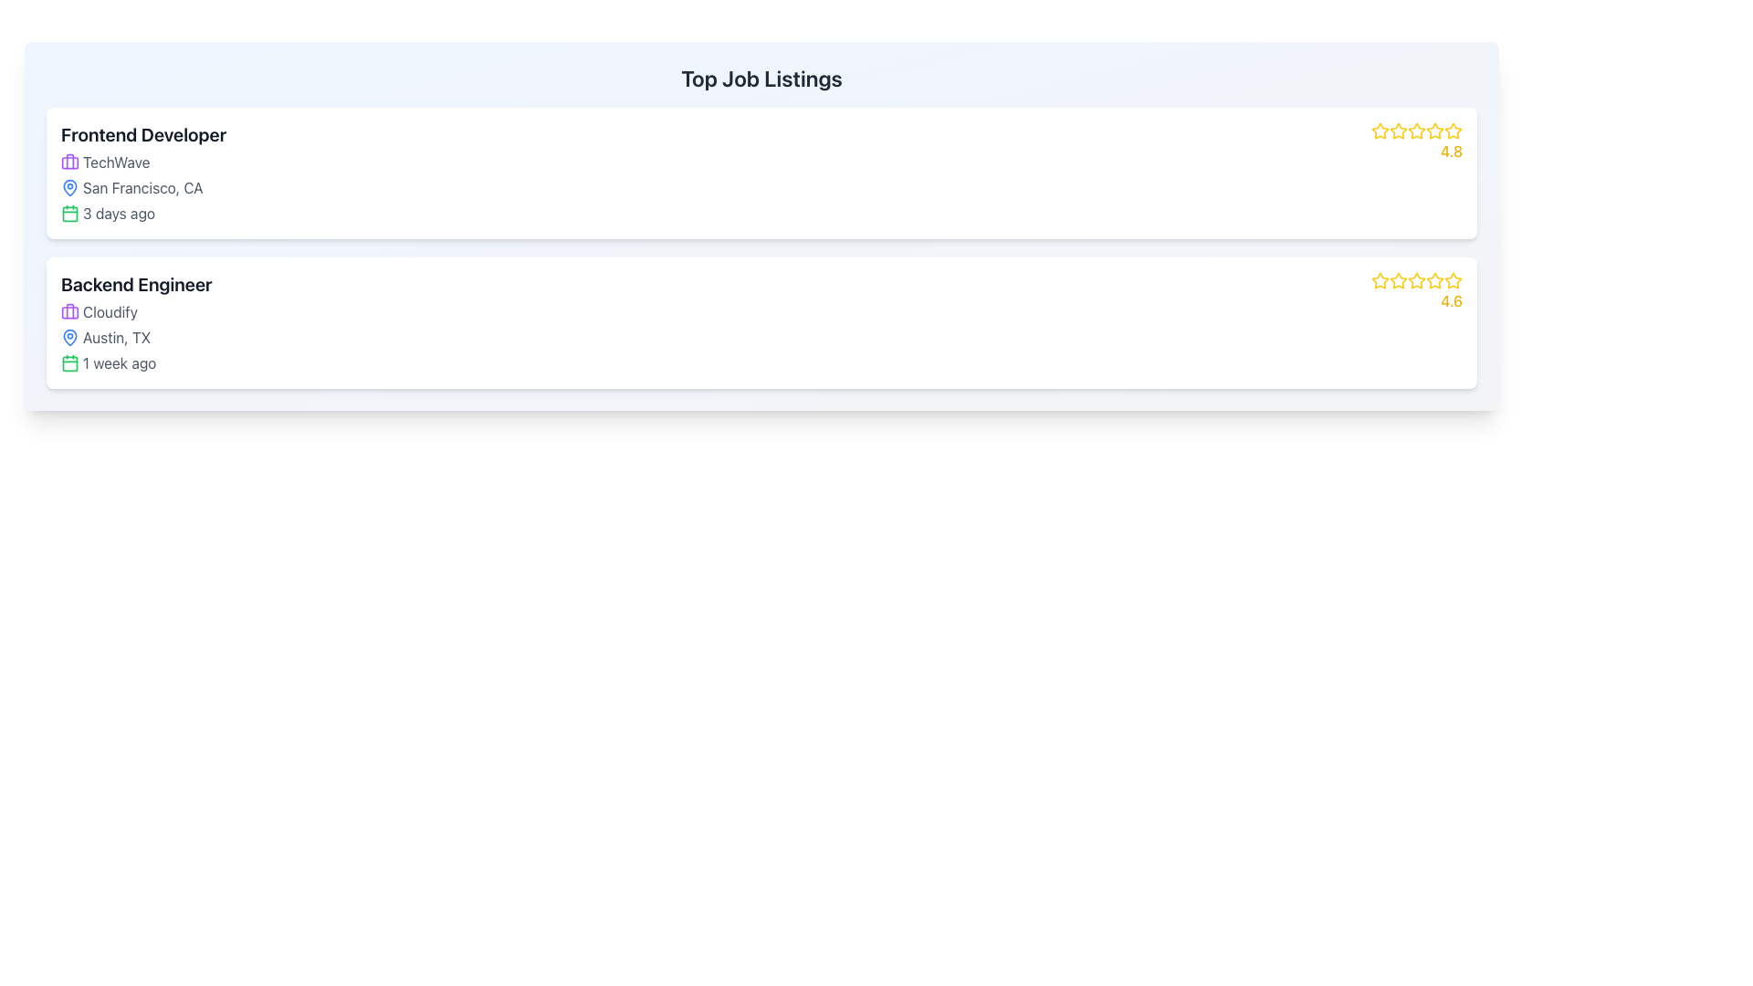 The height and width of the screenshot is (986, 1753). What do you see at coordinates (1397, 130) in the screenshot?
I see `the first deselected rating star icon` at bounding box center [1397, 130].